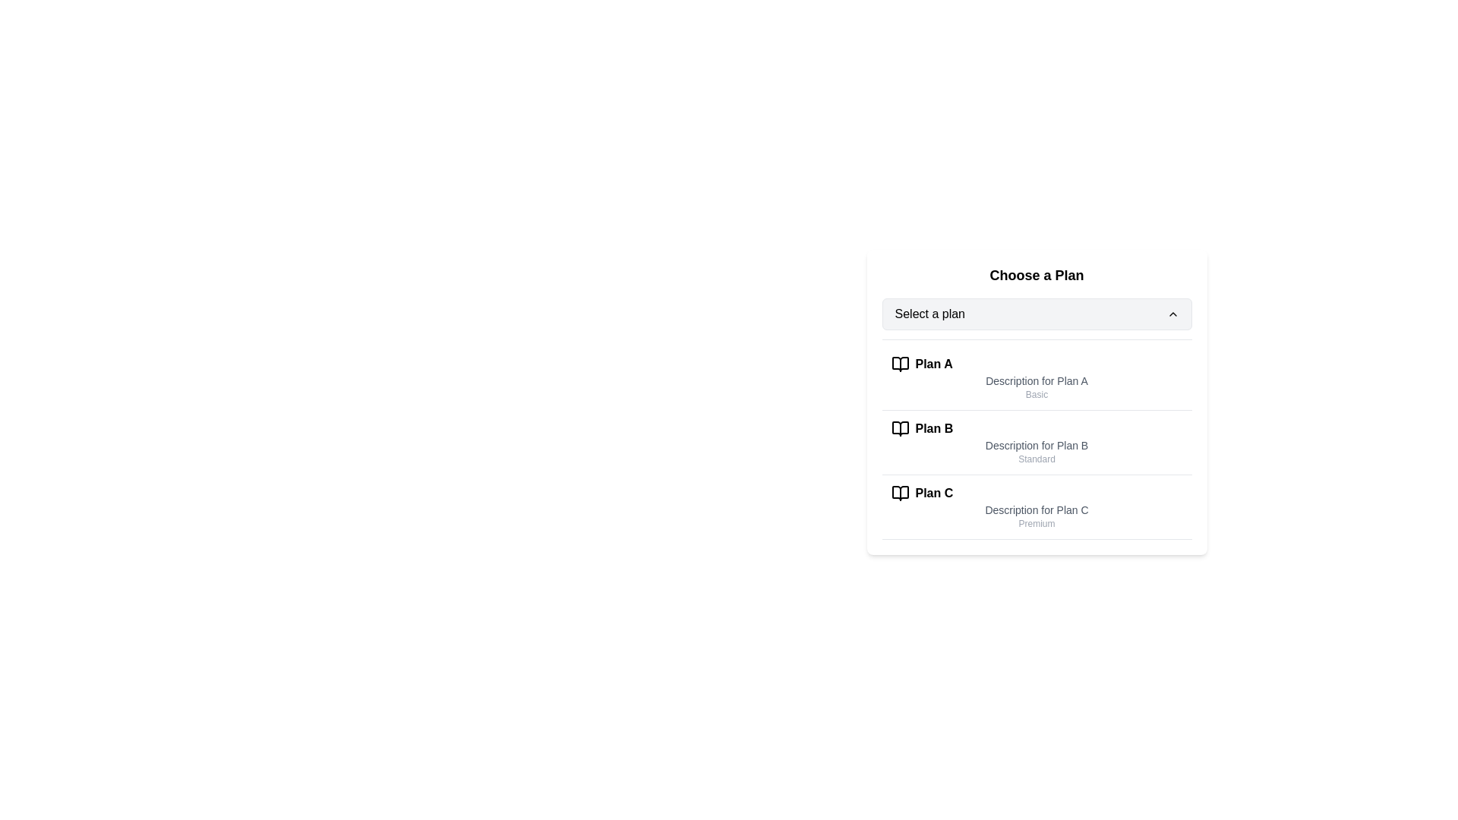 This screenshot has width=1458, height=820. I want to click on description text label for 'Plan C', which is positioned below the 'Plan C' label and above the 'Premium' text, so click(1036, 509).